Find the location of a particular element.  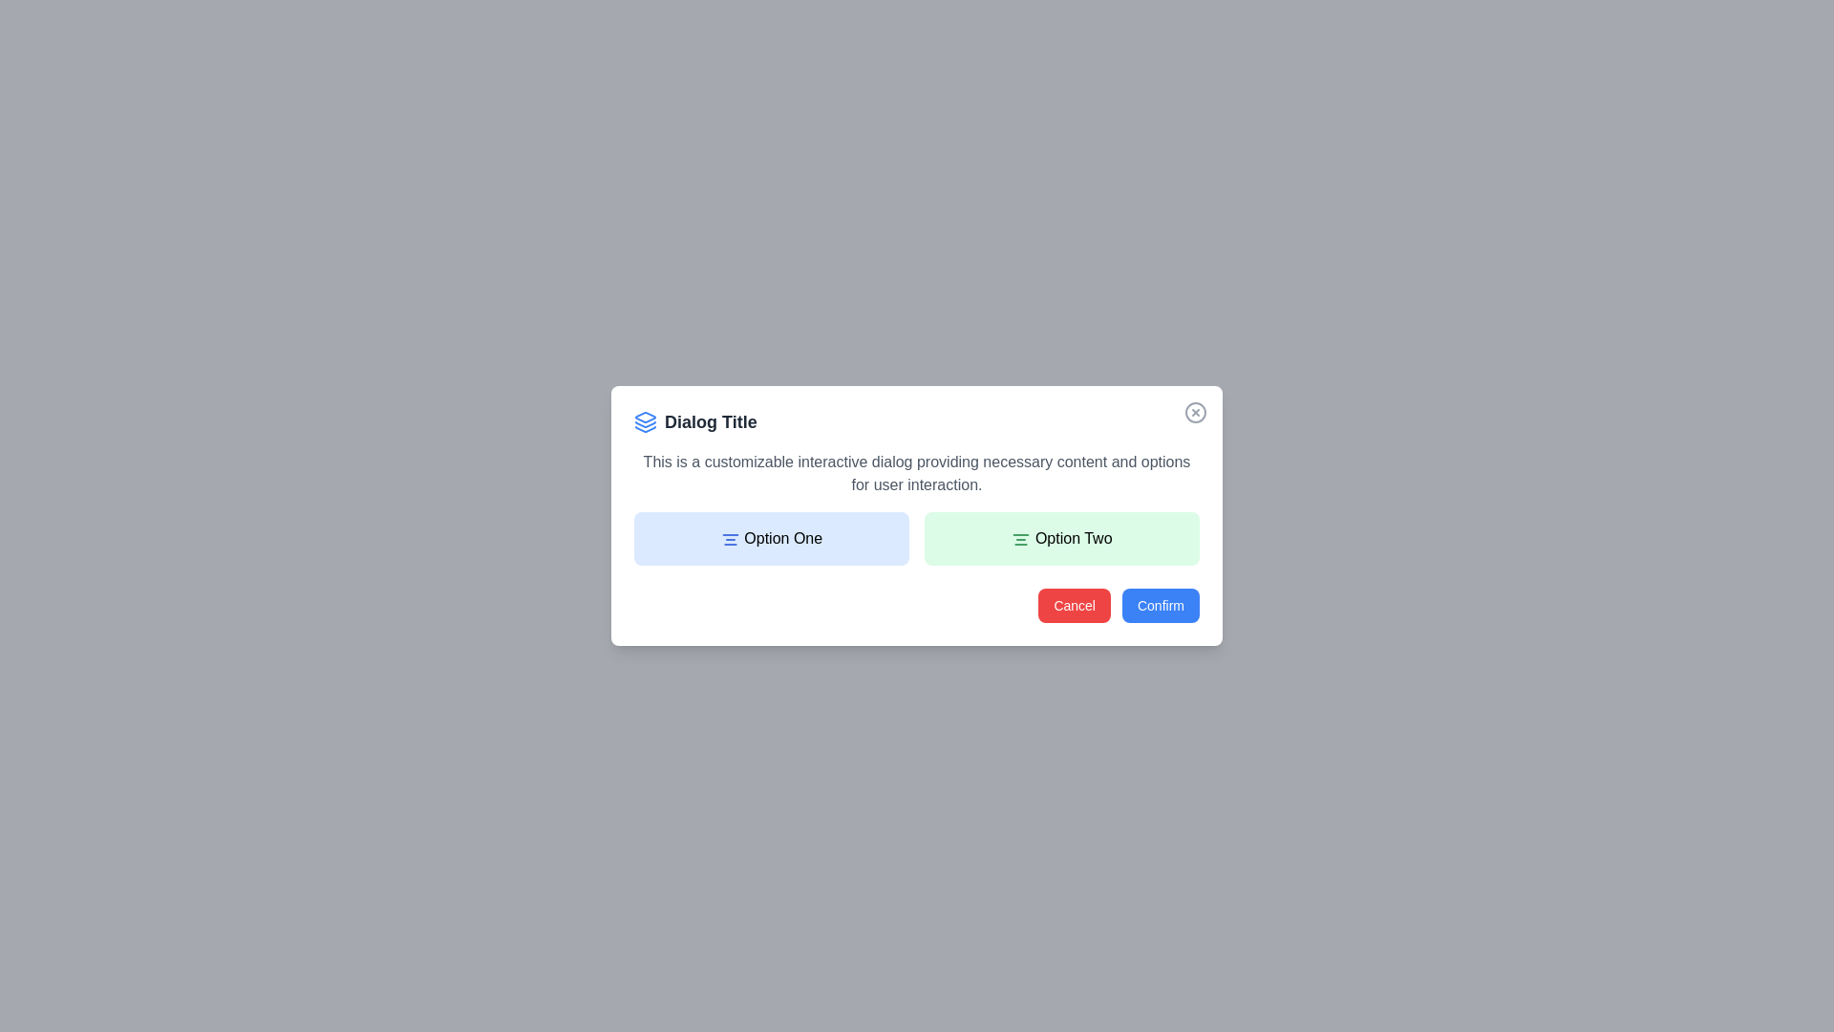

the 'Option One' section is located at coordinates (771, 538).